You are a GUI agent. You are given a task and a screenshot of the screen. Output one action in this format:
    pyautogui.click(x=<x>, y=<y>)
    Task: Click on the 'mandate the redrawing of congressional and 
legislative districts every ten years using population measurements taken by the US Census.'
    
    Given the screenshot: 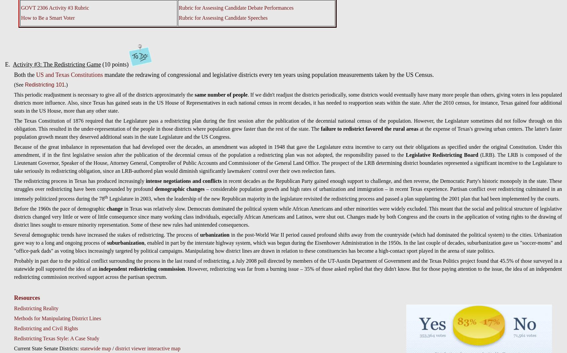 What is the action you would take?
    pyautogui.click(x=268, y=74)
    